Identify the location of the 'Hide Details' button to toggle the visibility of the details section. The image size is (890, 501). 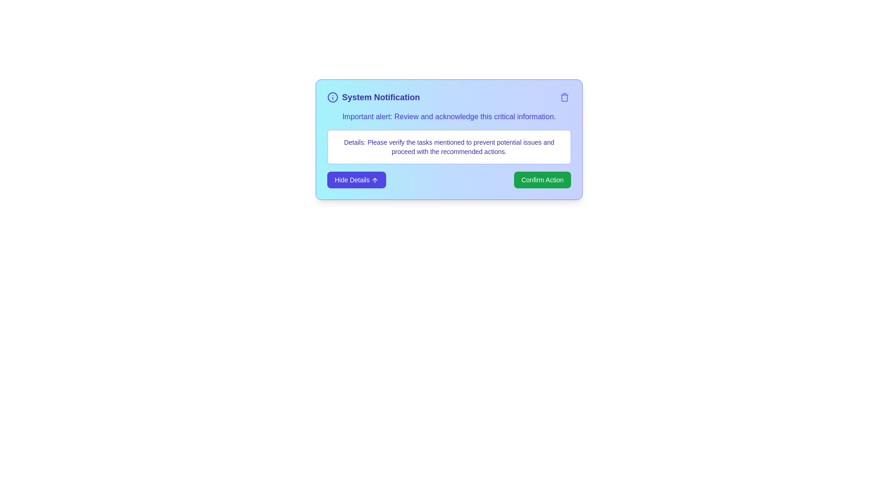
(356, 180).